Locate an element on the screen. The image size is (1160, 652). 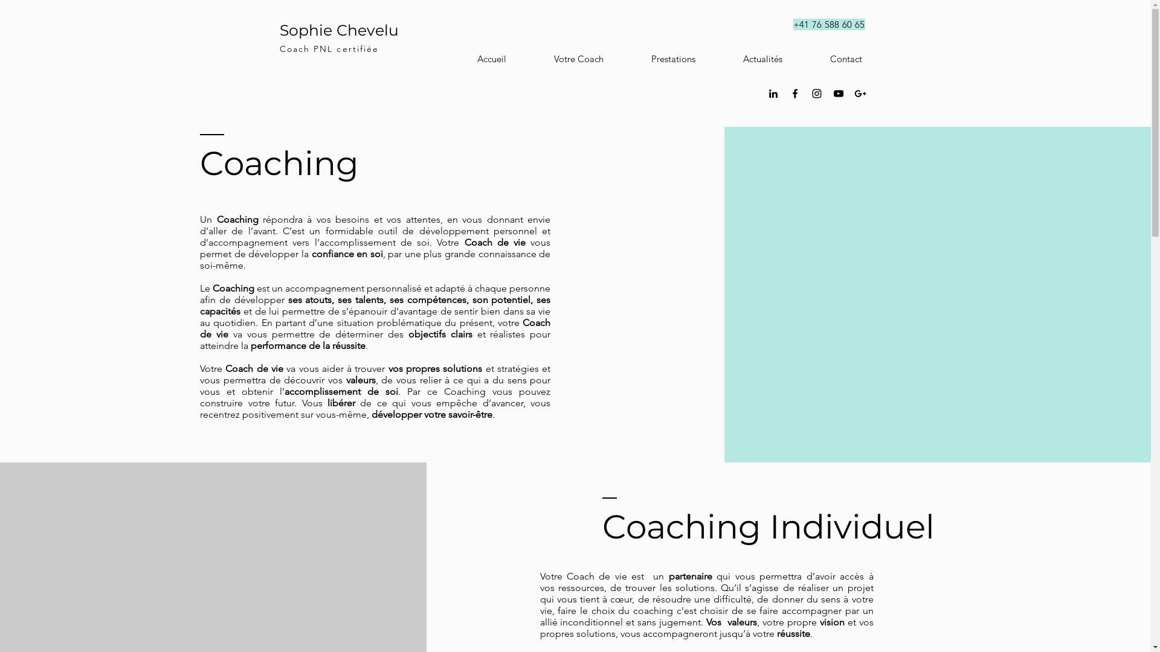
'Accueil' is located at coordinates (475, 59).